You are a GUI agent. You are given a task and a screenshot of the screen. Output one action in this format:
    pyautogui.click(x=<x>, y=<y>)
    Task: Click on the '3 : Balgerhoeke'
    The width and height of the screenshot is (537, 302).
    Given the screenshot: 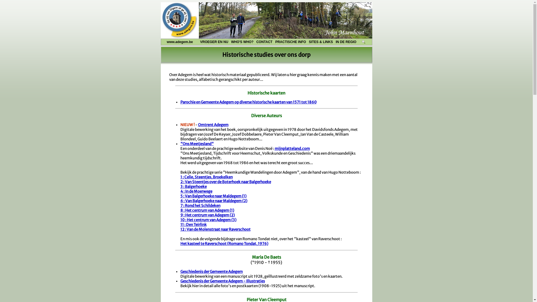 What is the action you would take?
    pyautogui.click(x=193, y=187)
    